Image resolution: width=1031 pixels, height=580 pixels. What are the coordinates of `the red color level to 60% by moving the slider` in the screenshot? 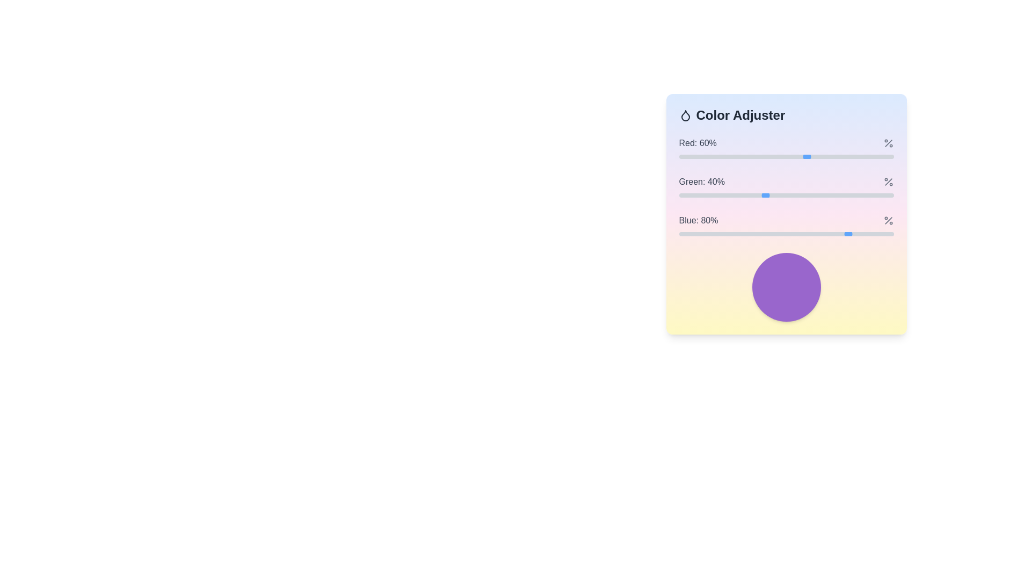 It's located at (808, 157).